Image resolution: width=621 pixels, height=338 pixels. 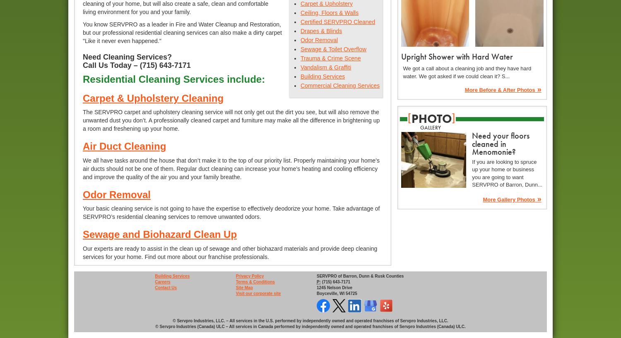 I want to click on 'Sewage and Biohazard Clean Up', so click(x=159, y=234).